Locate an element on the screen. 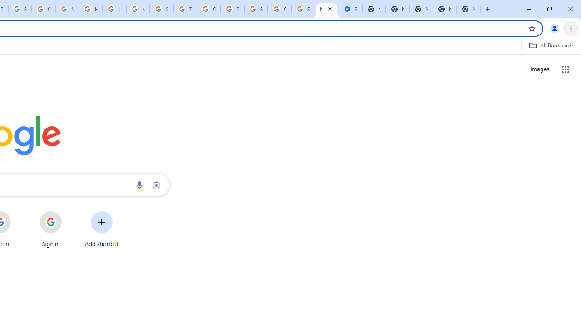 The height and width of the screenshot is (327, 581). 'Search by voice' is located at coordinates (139, 184).